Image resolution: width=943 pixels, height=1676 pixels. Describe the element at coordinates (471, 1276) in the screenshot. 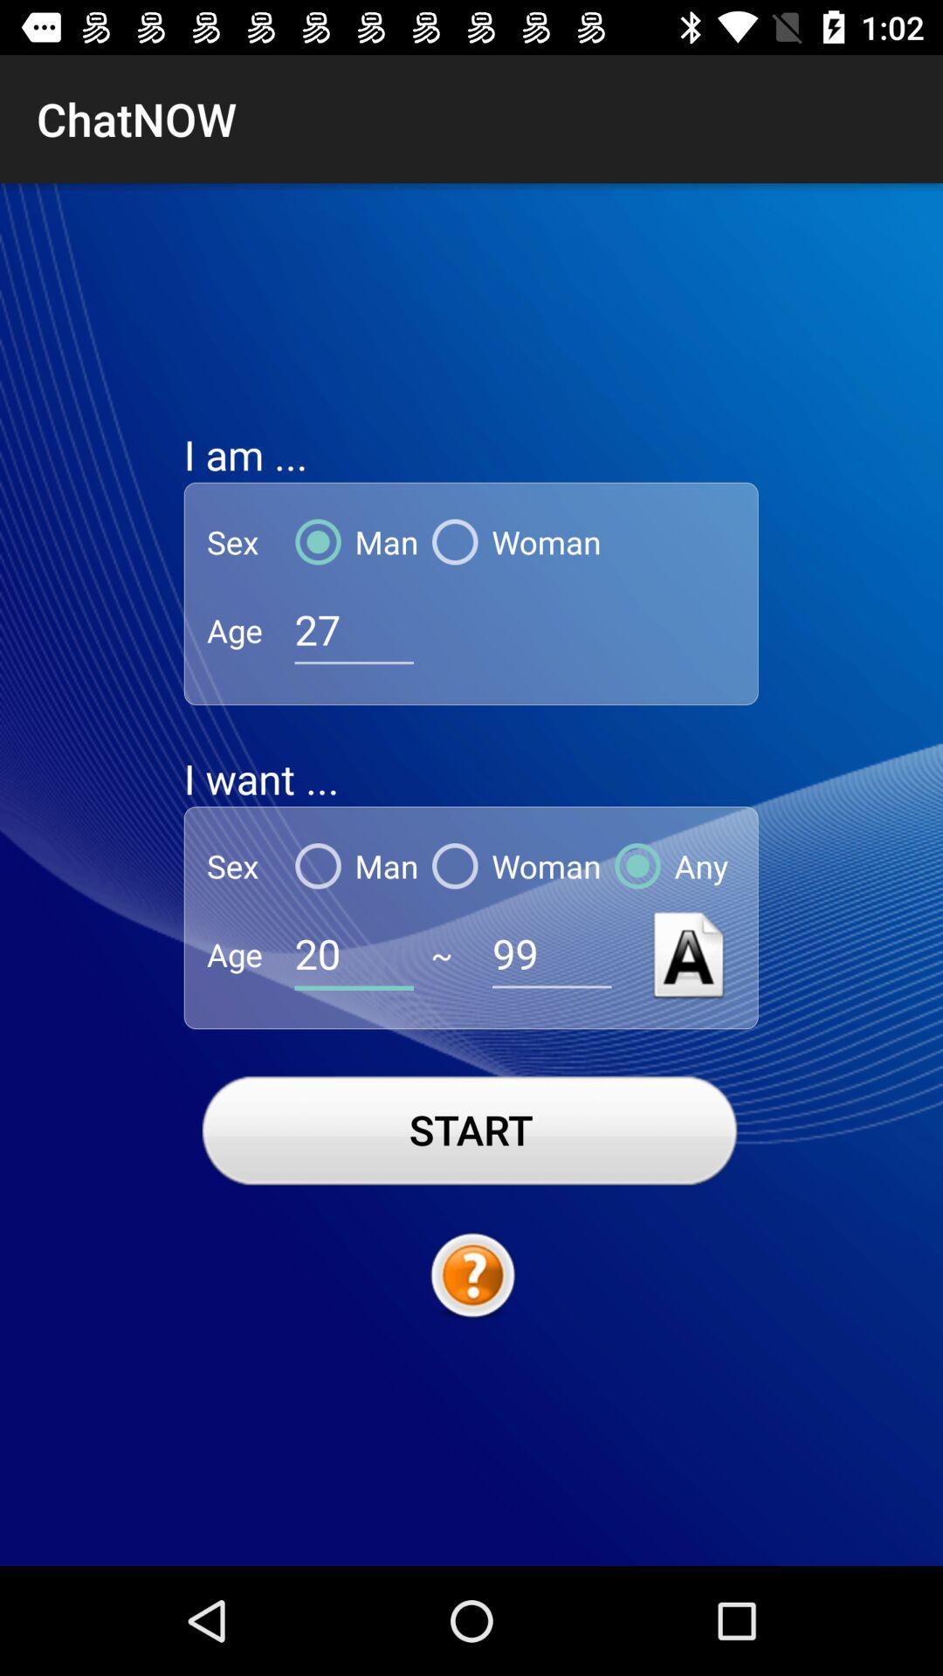

I see `the help icon` at that location.